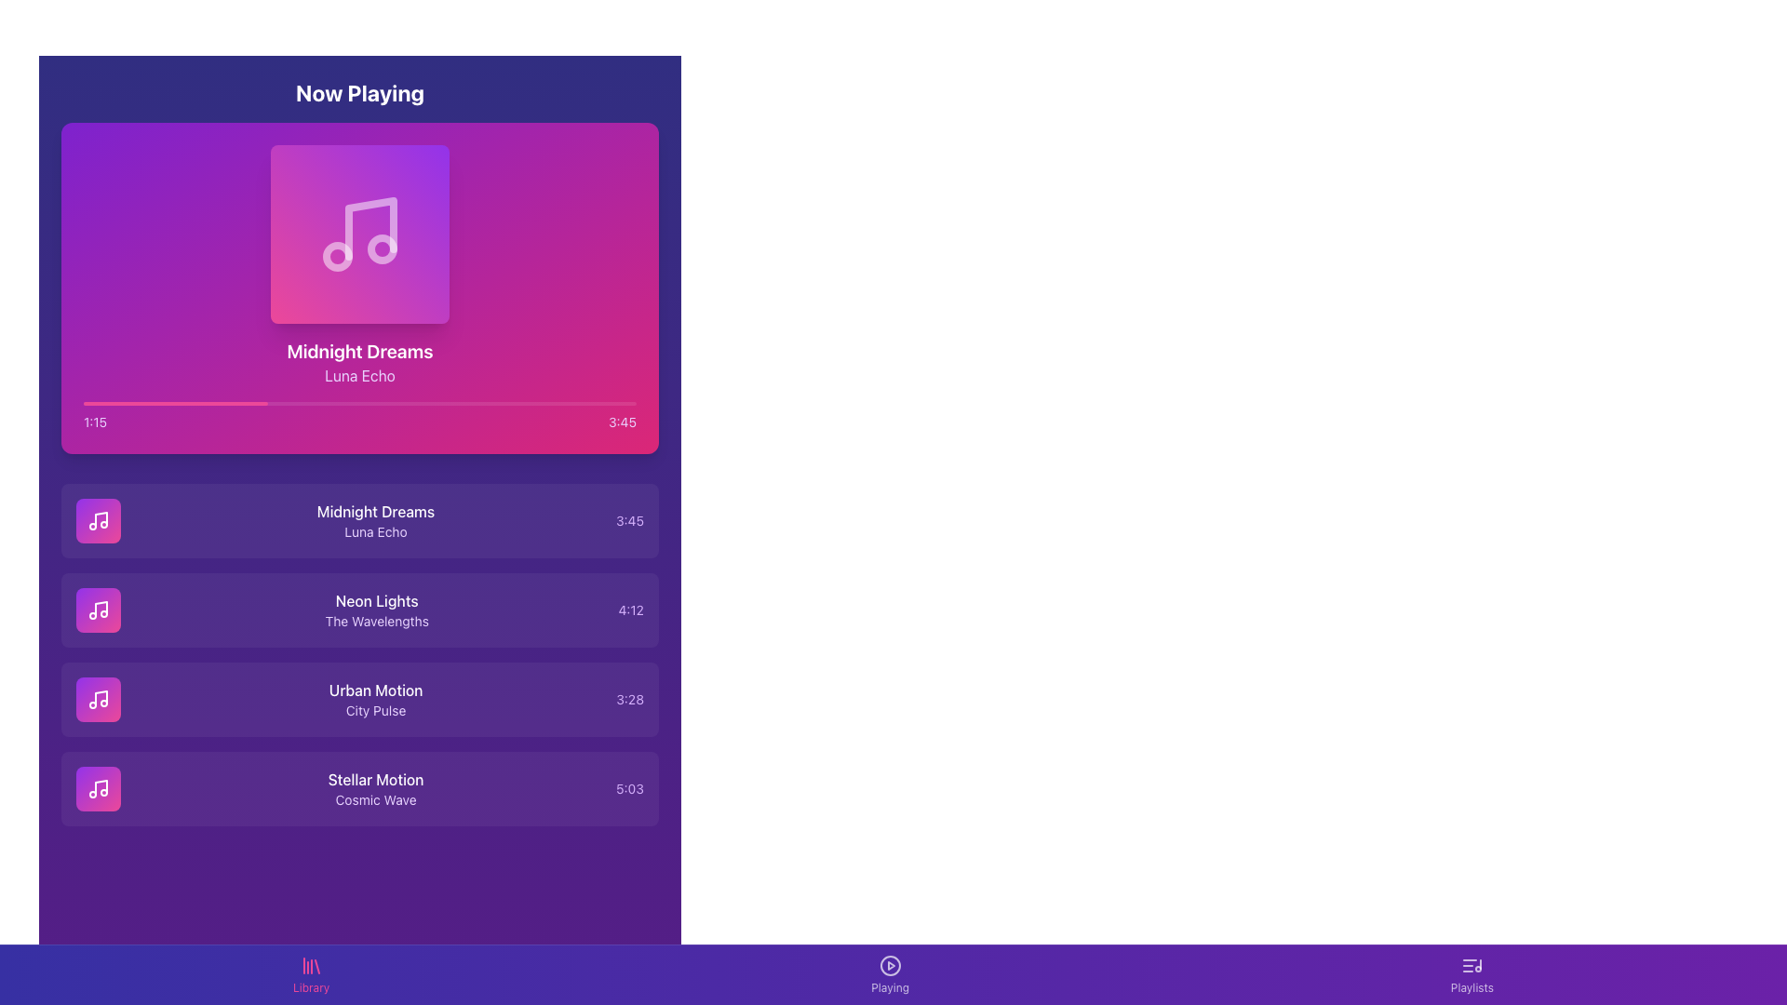 The image size is (1787, 1005). What do you see at coordinates (360, 265) in the screenshot?
I see `the Media Player Section labeled 'Now Playing', which displays the current playing track details and progress indicator` at bounding box center [360, 265].